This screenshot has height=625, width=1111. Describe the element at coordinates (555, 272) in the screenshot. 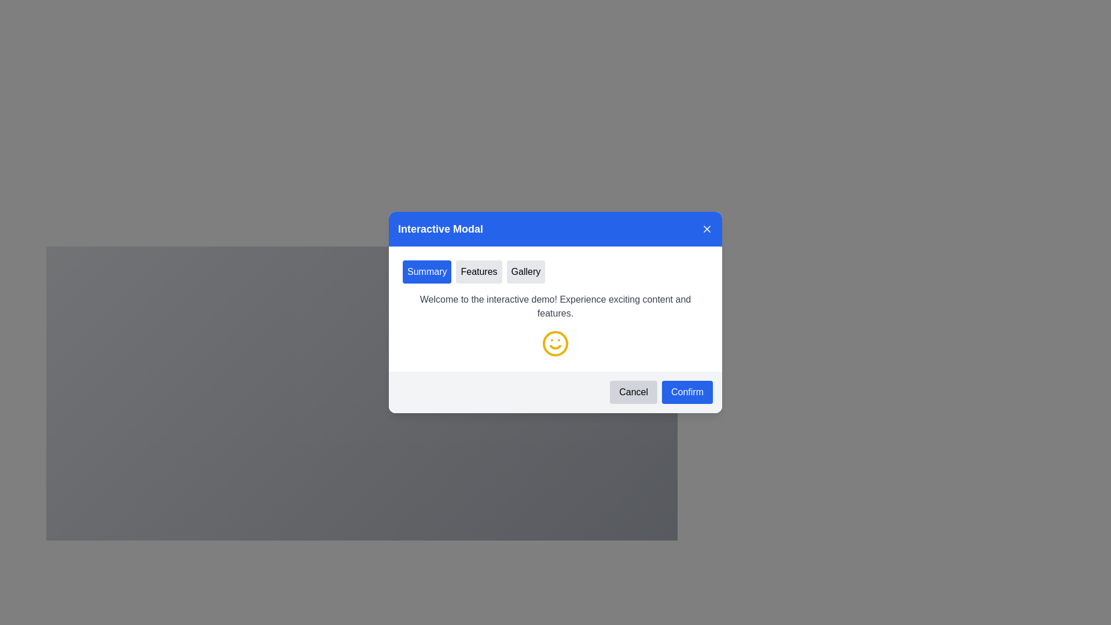

I see `the tab bar in the modal` at that location.